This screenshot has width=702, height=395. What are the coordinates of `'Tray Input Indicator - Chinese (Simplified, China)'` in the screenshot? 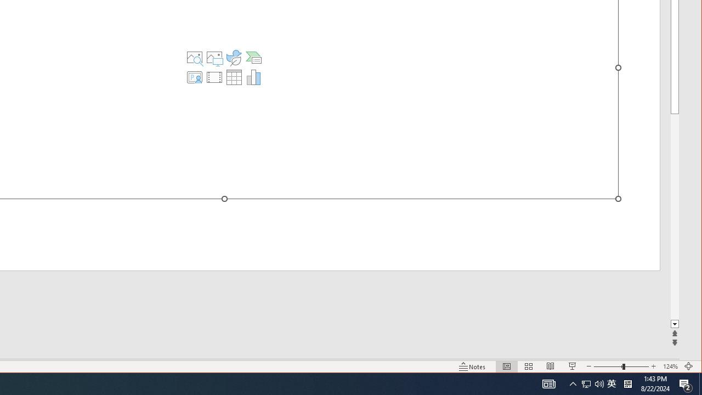 It's located at (627, 383).